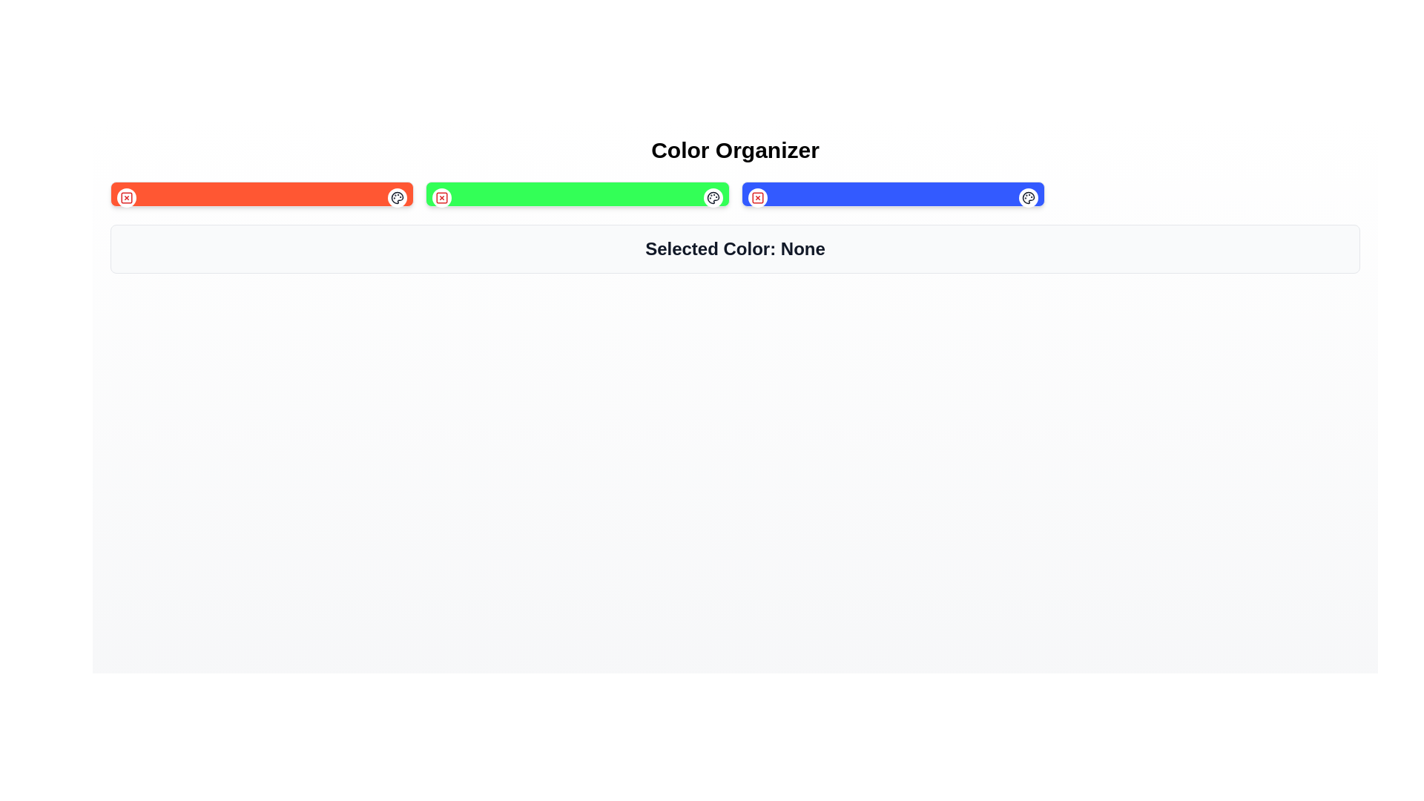 This screenshot has width=1424, height=801. Describe the element at coordinates (127, 197) in the screenshot. I see `the small red square button with rounded corners located in the top-left corner of the horizontal orange bar` at that location.